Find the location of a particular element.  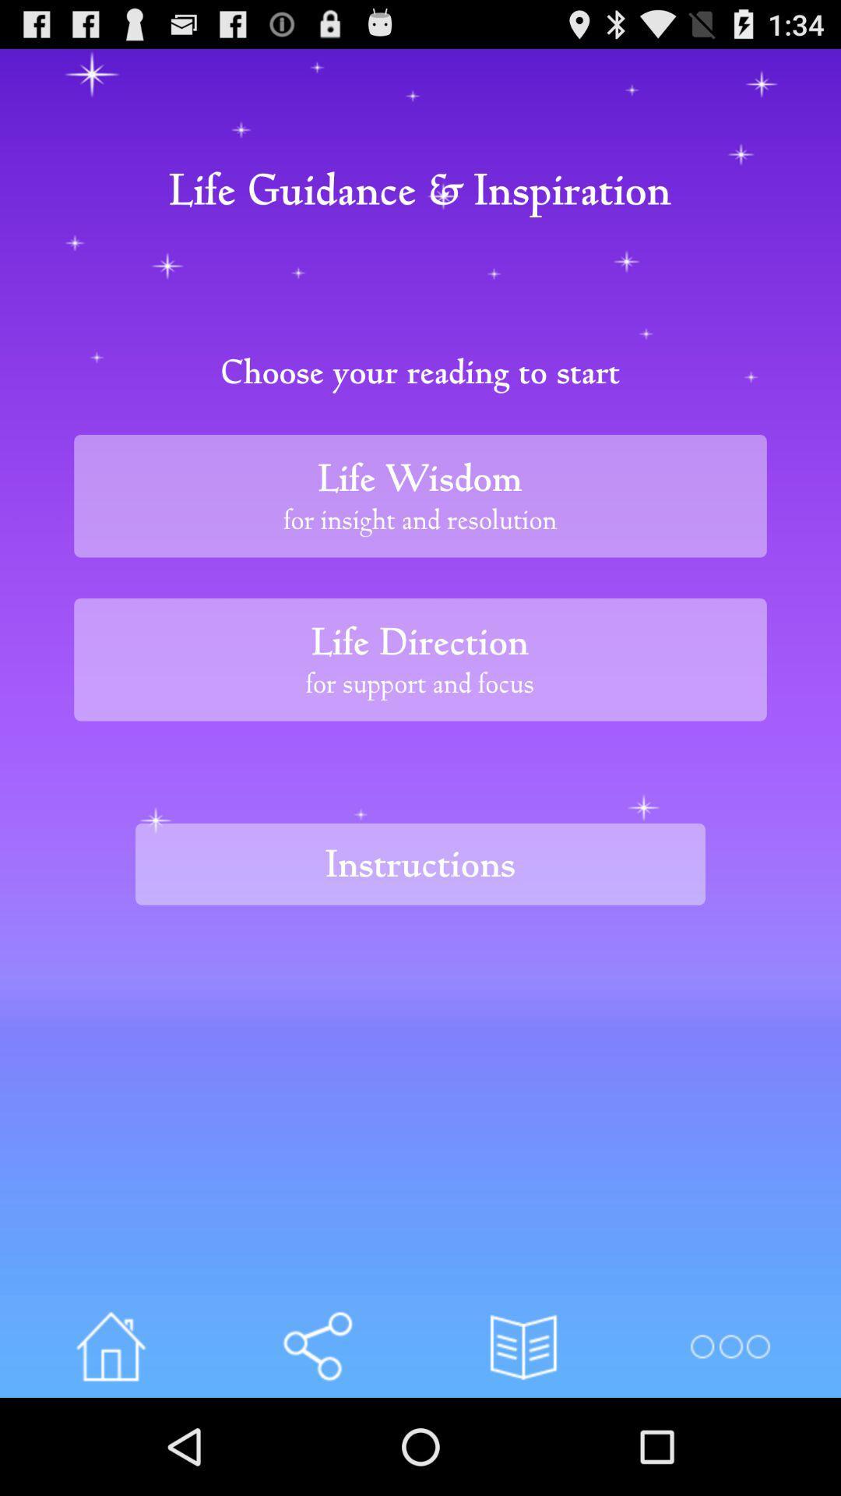

the more icon is located at coordinates (730, 1440).